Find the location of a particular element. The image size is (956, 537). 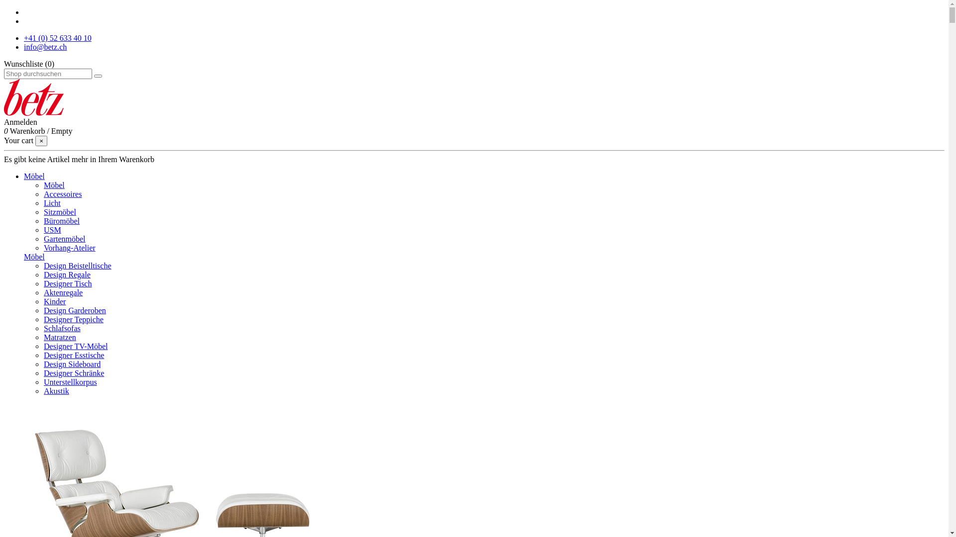

'Design Sideboard' is located at coordinates (43, 364).